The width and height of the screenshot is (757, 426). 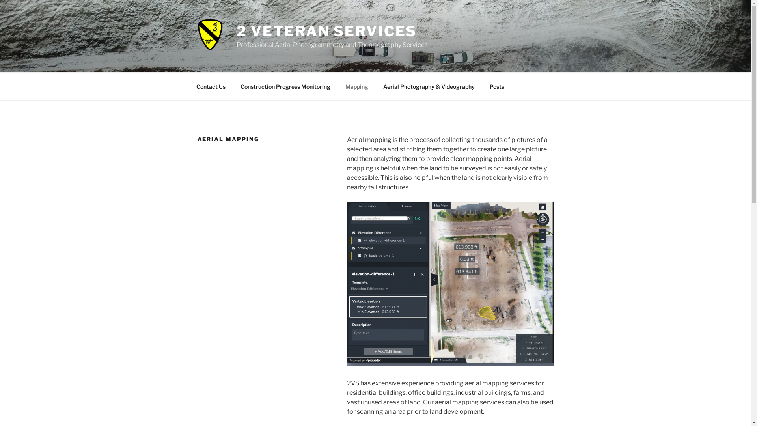 I want to click on 'Construction Progress Monitoring', so click(x=285, y=86).